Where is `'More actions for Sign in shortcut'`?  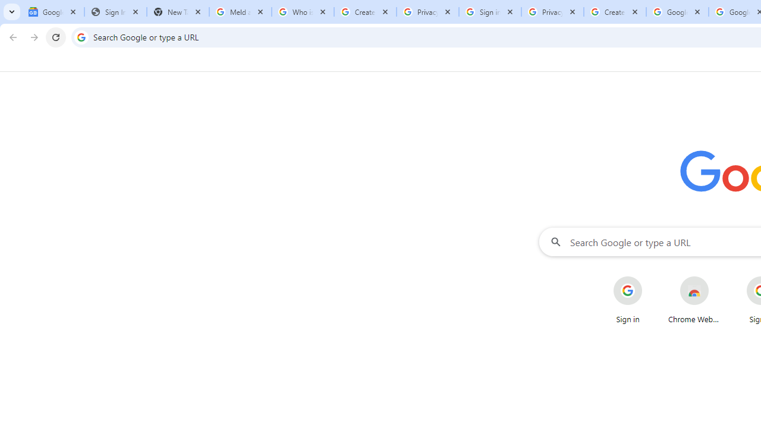 'More actions for Sign in shortcut' is located at coordinates (650, 277).